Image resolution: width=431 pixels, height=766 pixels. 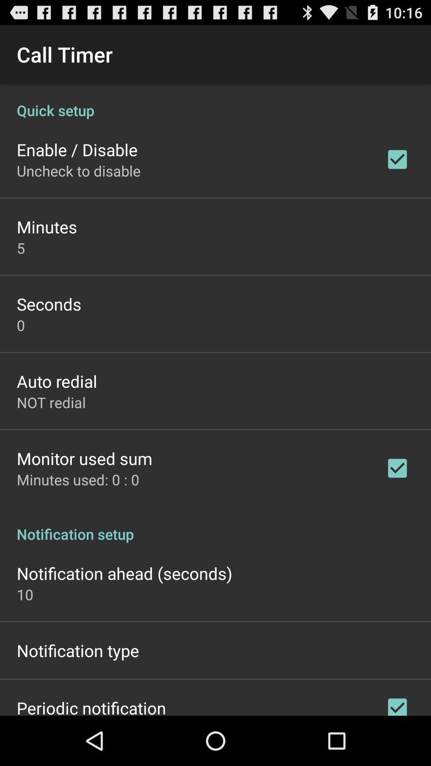 I want to click on 10 icon, so click(x=24, y=594).